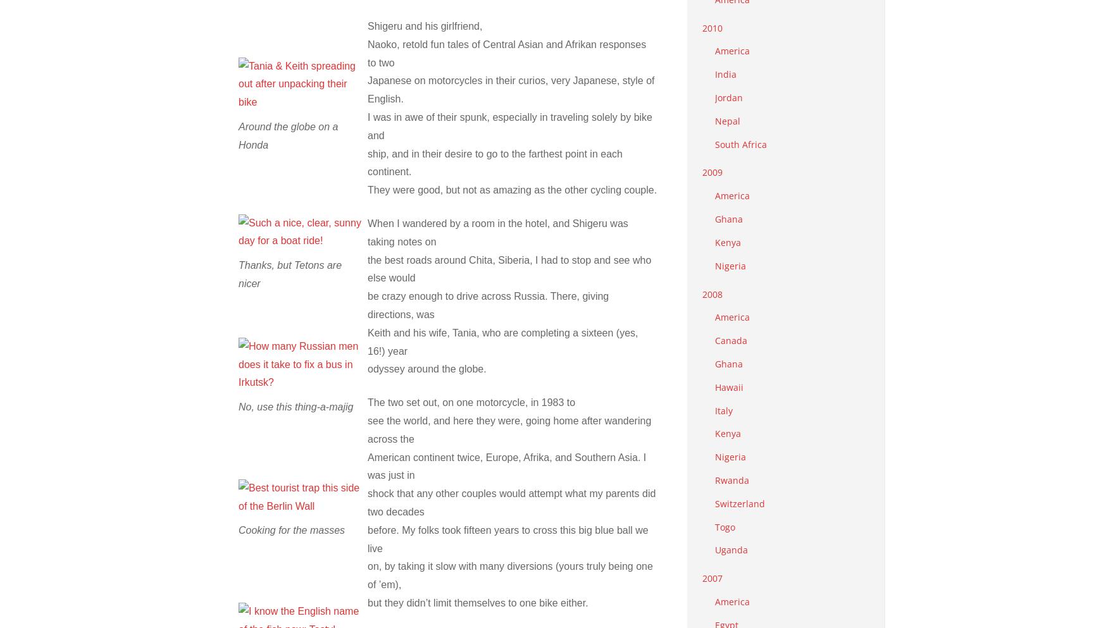  Describe the element at coordinates (740, 502) in the screenshot. I see `'Switzerland'` at that location.